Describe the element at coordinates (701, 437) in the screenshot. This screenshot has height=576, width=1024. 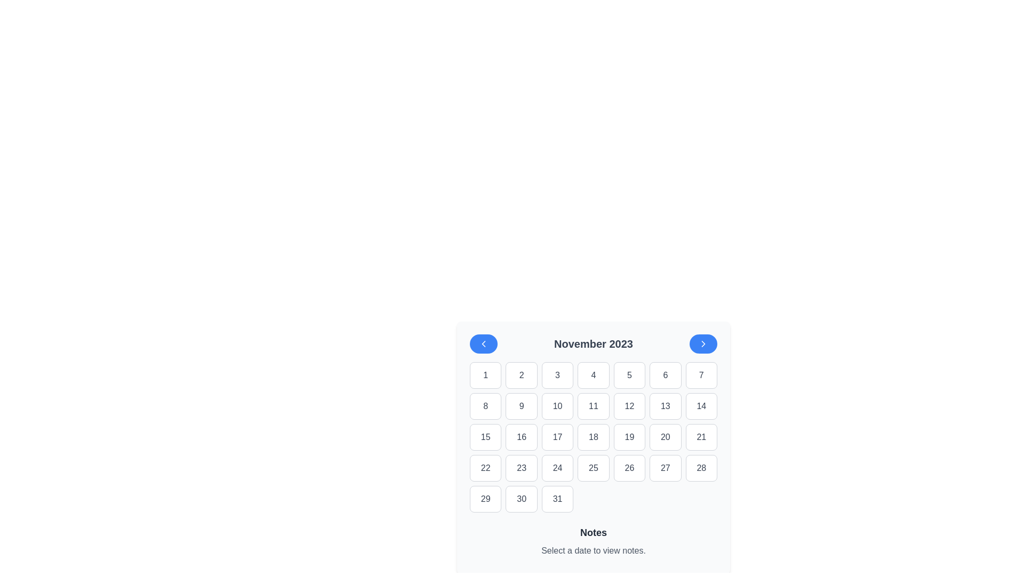
I see `the button in the calendar interface that allows the user` at that location.